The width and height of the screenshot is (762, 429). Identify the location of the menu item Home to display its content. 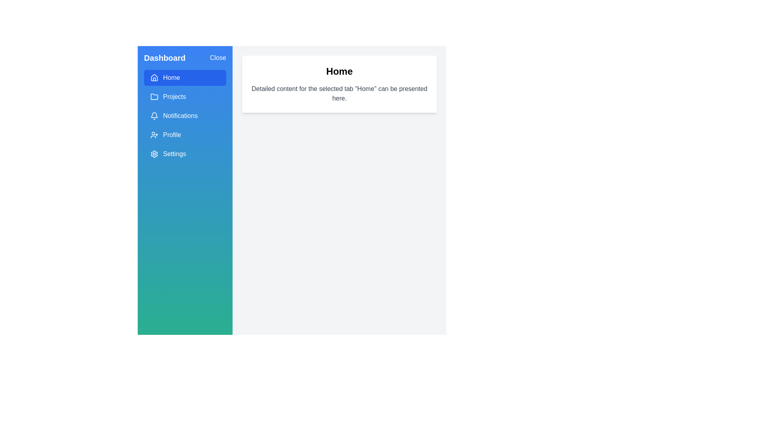
(185, 78).